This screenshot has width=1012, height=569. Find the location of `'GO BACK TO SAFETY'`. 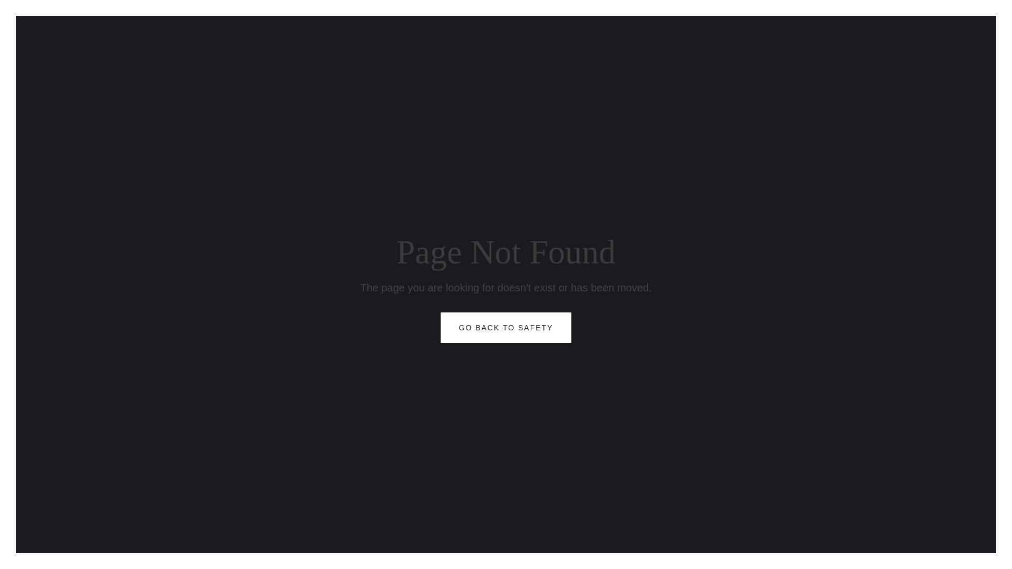

'GO BACK TO SAFETY' is located at coordinates (506, 327).